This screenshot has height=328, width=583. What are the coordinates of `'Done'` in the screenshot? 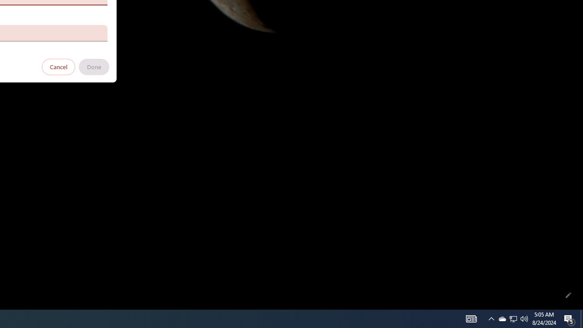 It's located at (94, 66).